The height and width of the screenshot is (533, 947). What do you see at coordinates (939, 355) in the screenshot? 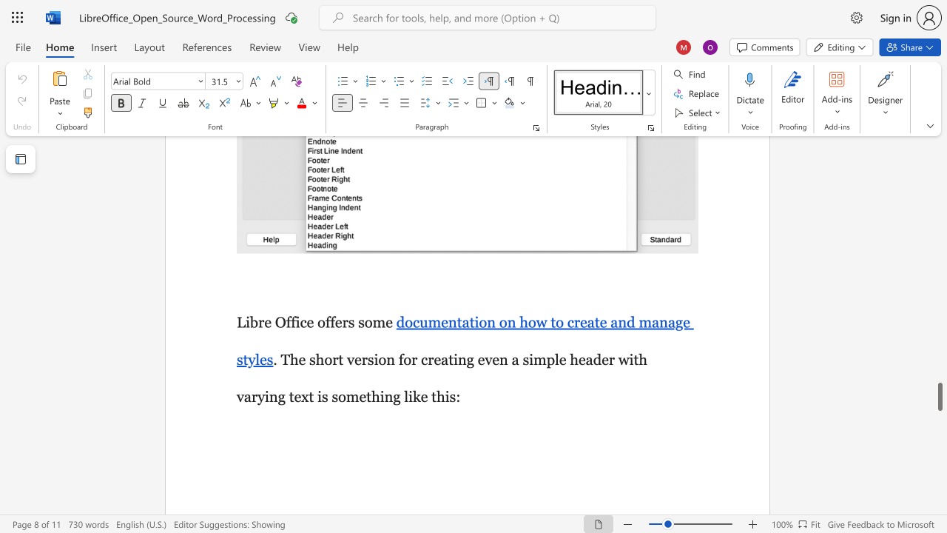
I see `the scrollbar to scroll upward` at bounding box center [939, 355].